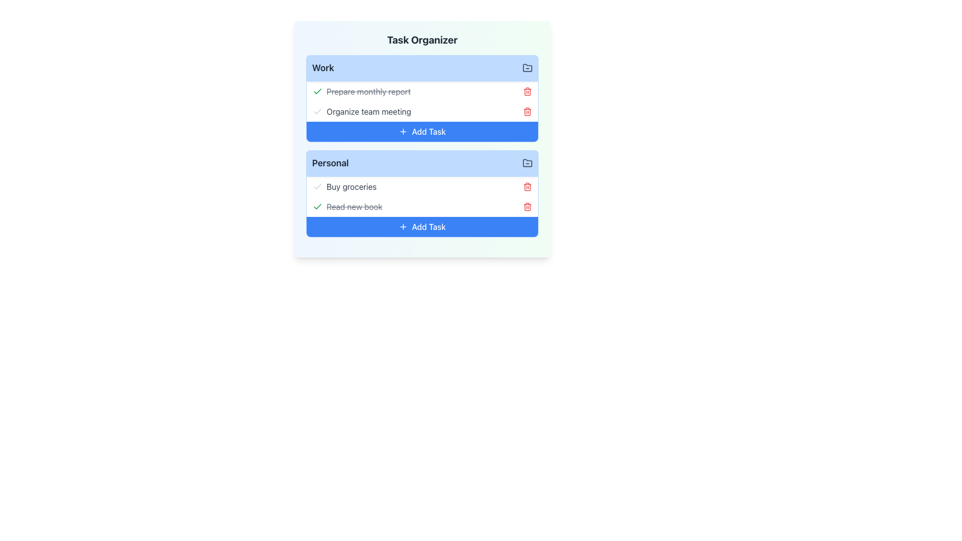 Image resolution: width=962 pixels, height=541 pixels. Describe the element at coordinates (354, 206) in the screenshot. I see `the text label displaying 'Read new book' in the 'Personal' task category for additional details` at that location.